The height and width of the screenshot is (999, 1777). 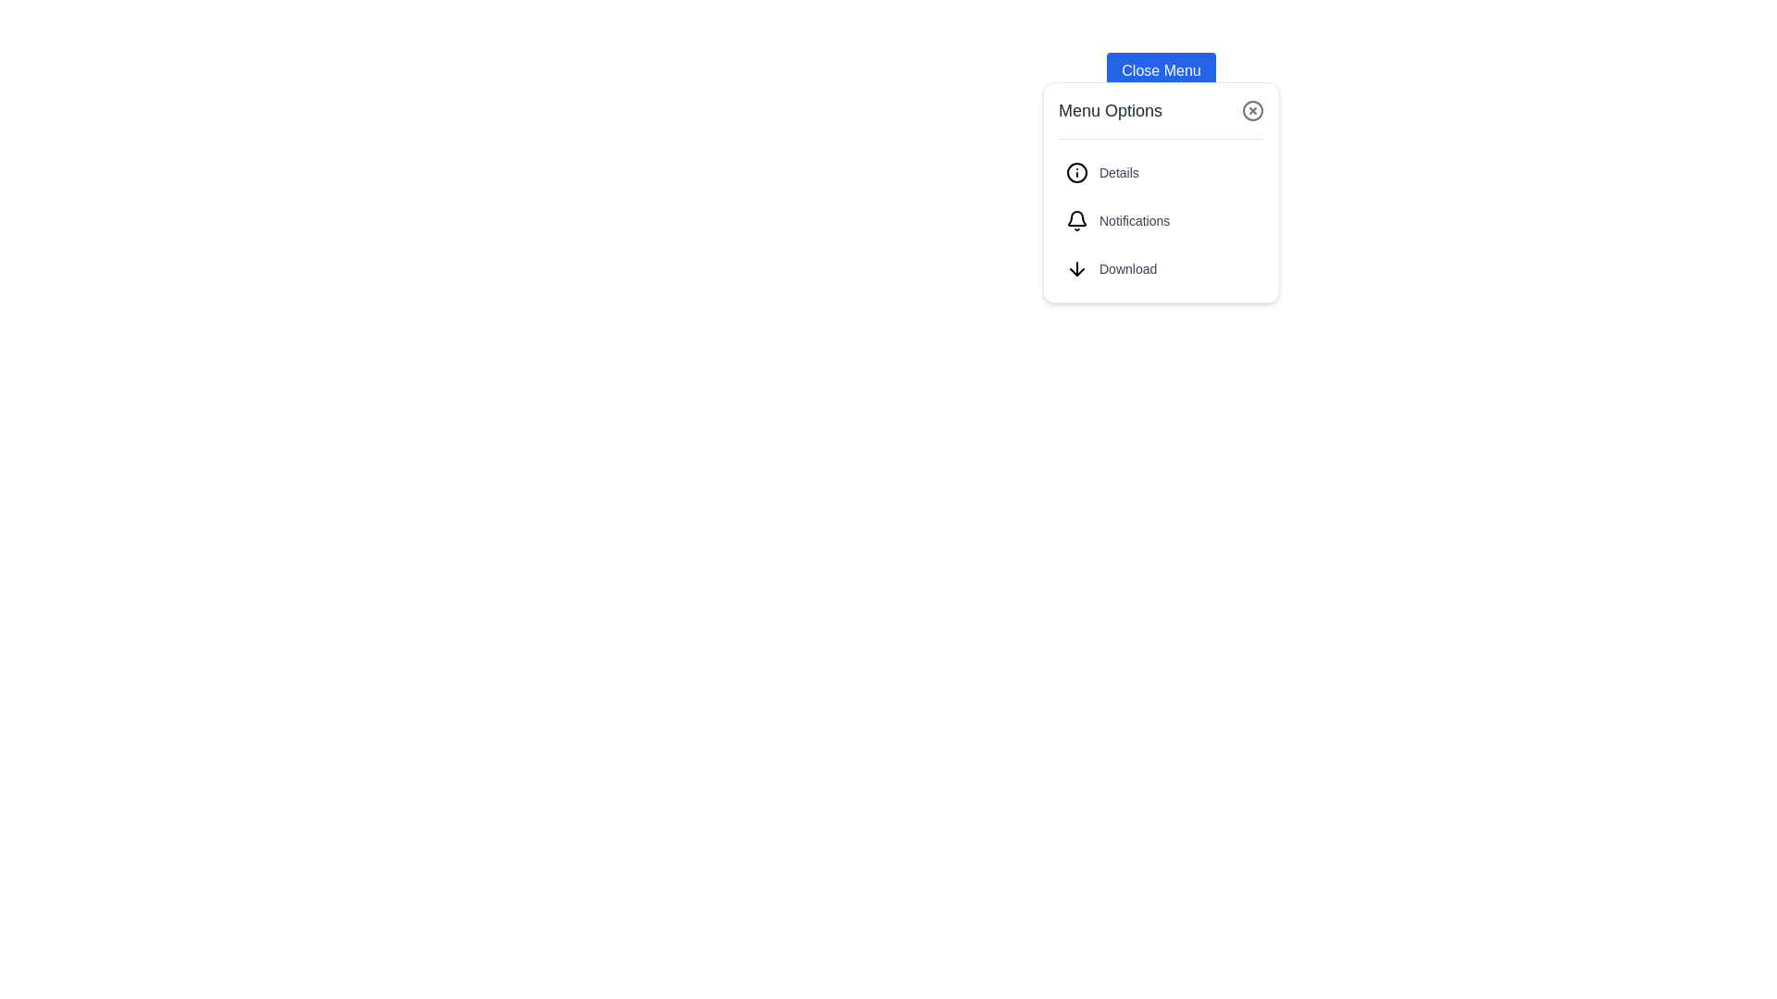 What do you see at coordinates (1160, 118) in the screenshot?
I see `the title of the menu popup located at the top of the panel, directly under the 'Close Menu' button` at bounding box center [1160, 118].